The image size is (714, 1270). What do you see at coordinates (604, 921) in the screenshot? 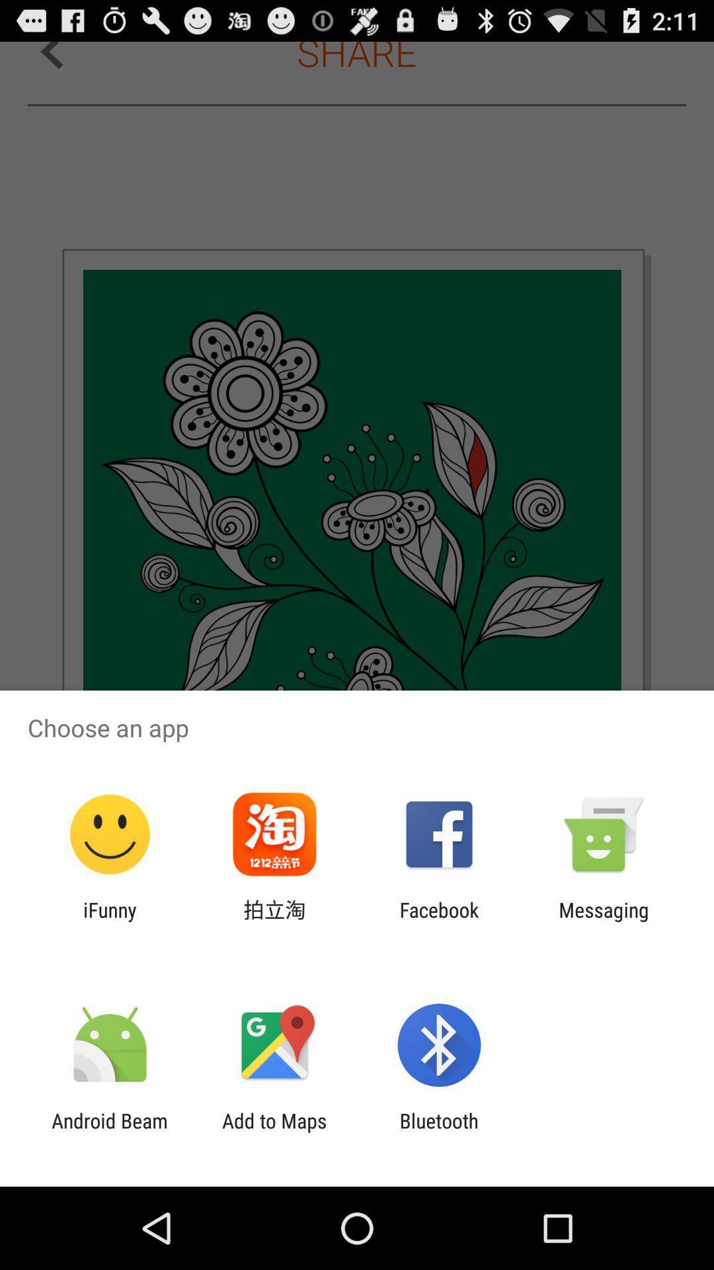
I see `the messaging app` at bounding box center [604, 921].